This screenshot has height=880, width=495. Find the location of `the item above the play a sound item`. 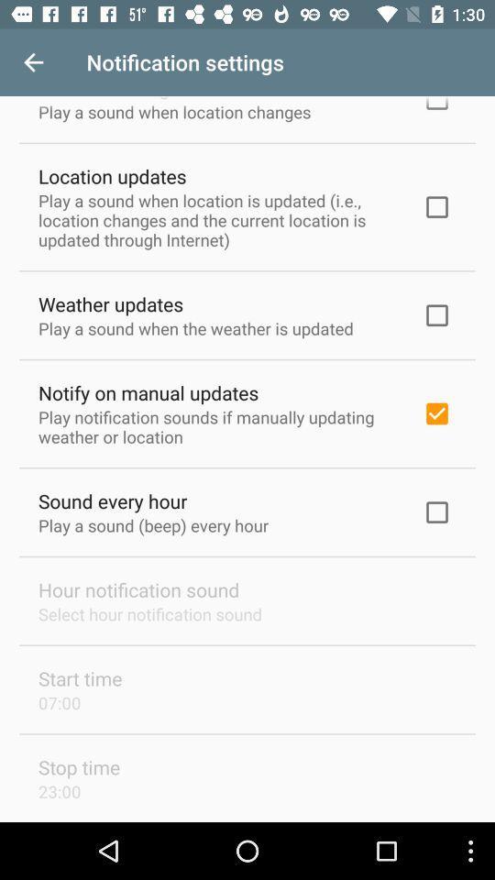

the item above the play a sound item is located at coordinates (112, 176).